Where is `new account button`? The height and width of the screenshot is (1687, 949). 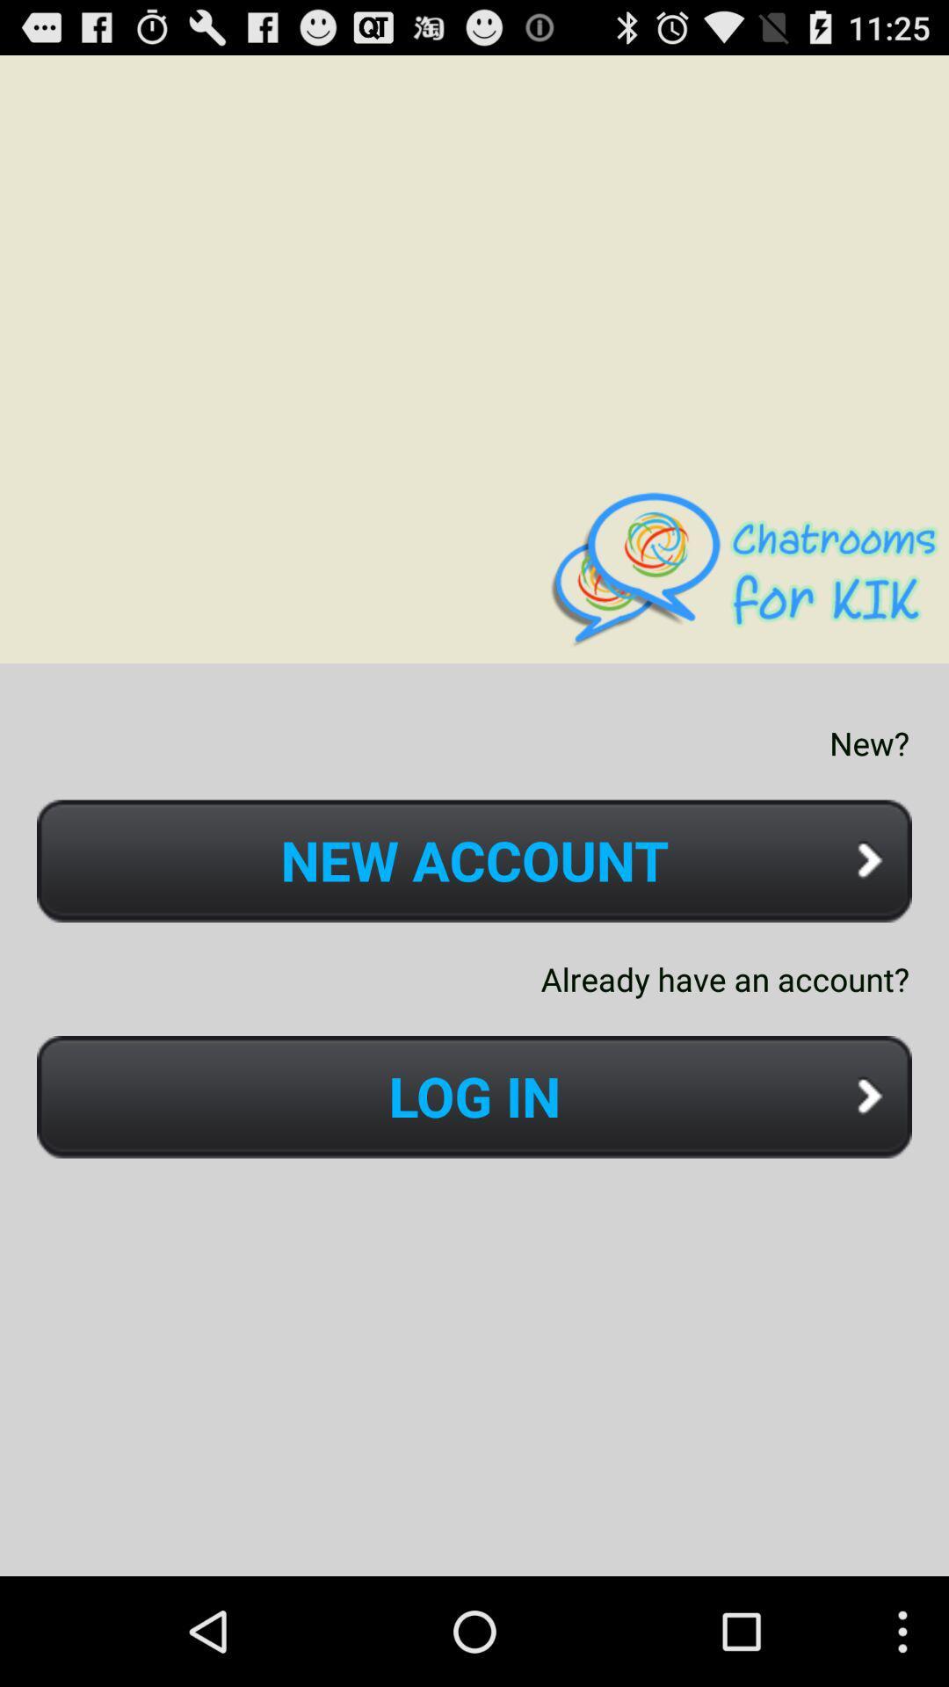
new account button is located at coordinates (474, 861).